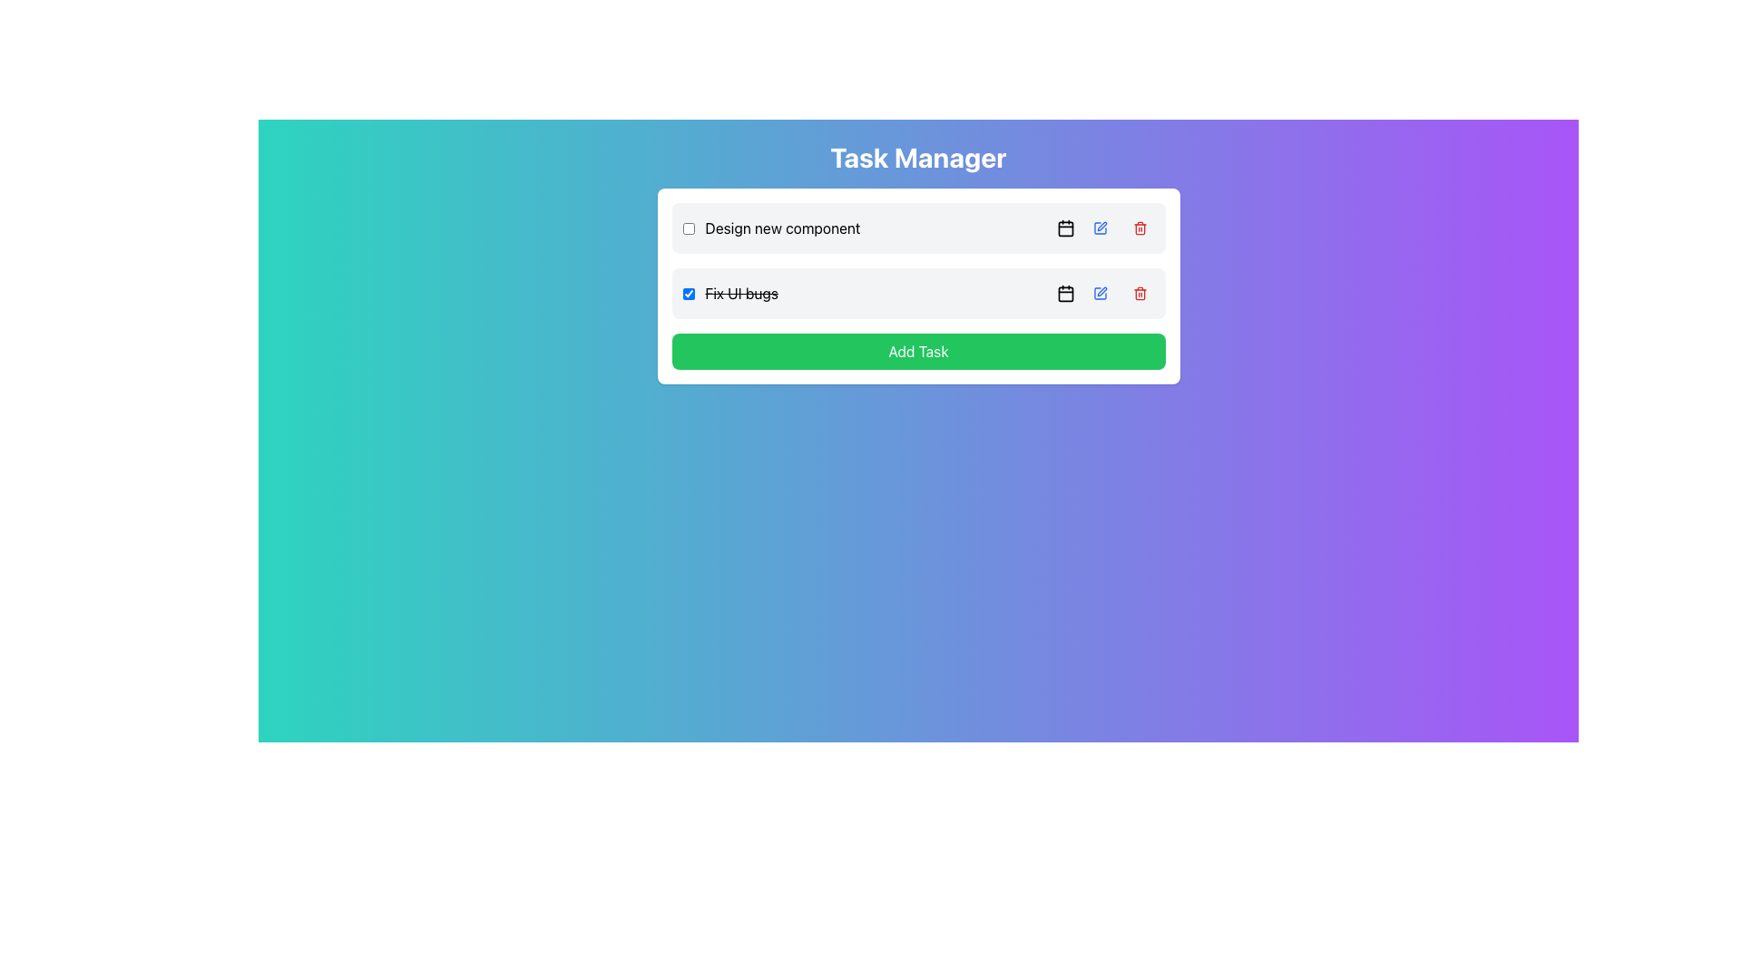 The image size is (1742, 979). I want to click on the edit button located under the 'Task Manager' title, which is the second button to the right of the first task row, positioned between a calendar icon and a red button, so click(1099, 227).